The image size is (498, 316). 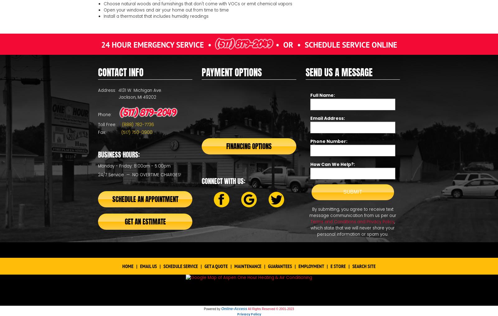 What do you see at coordinates (198, 3) in the screenshot?
I see `'Choose natural woods and furnishings that don't come with VOCs or emit chemical vapors'` at bounding box center [198, 3].